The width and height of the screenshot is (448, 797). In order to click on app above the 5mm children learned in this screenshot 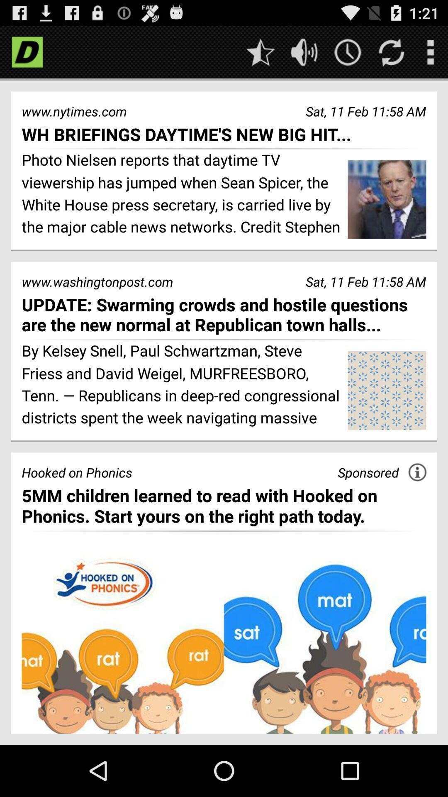, I will do `click(417, 472)`.